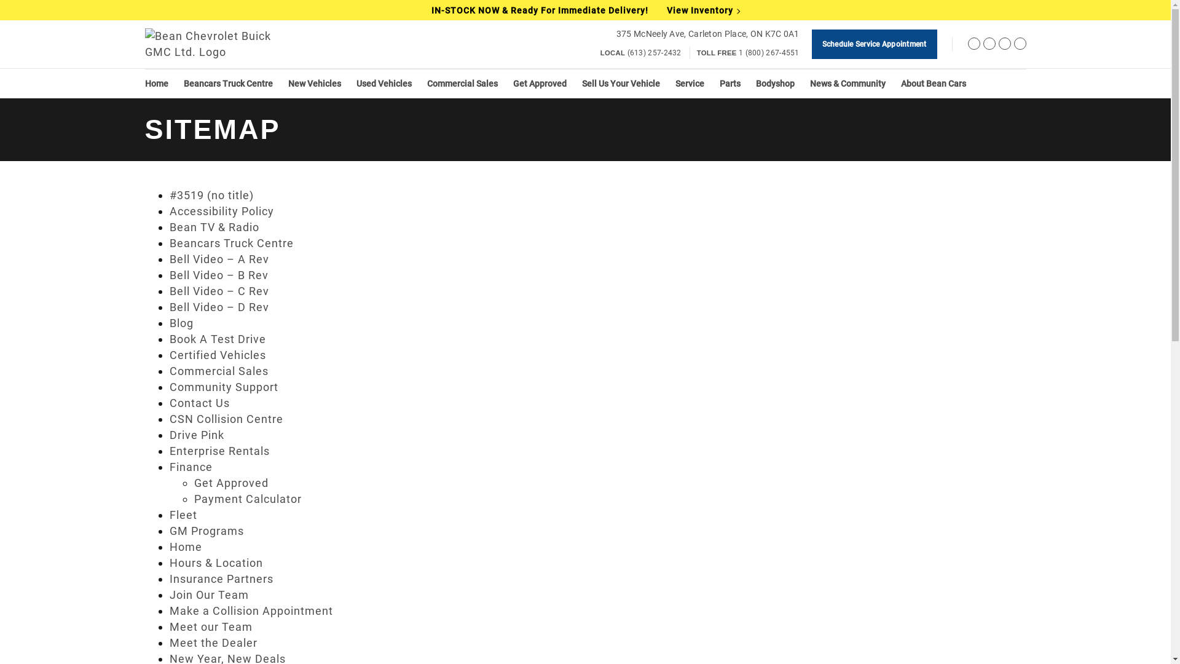  I want to click on 'Meet the Dealer', so click(213, 642).